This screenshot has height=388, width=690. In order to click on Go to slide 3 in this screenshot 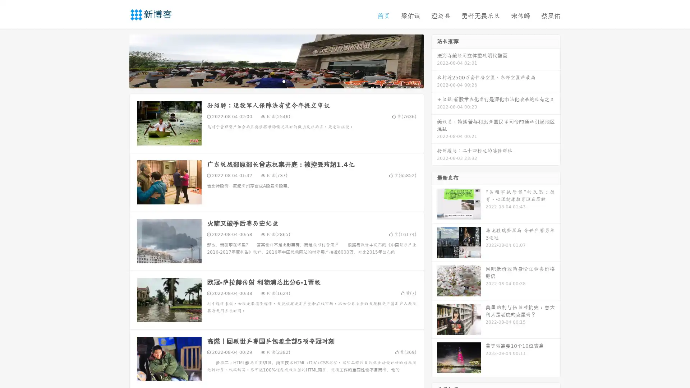, I will do `click(284, 81)`.